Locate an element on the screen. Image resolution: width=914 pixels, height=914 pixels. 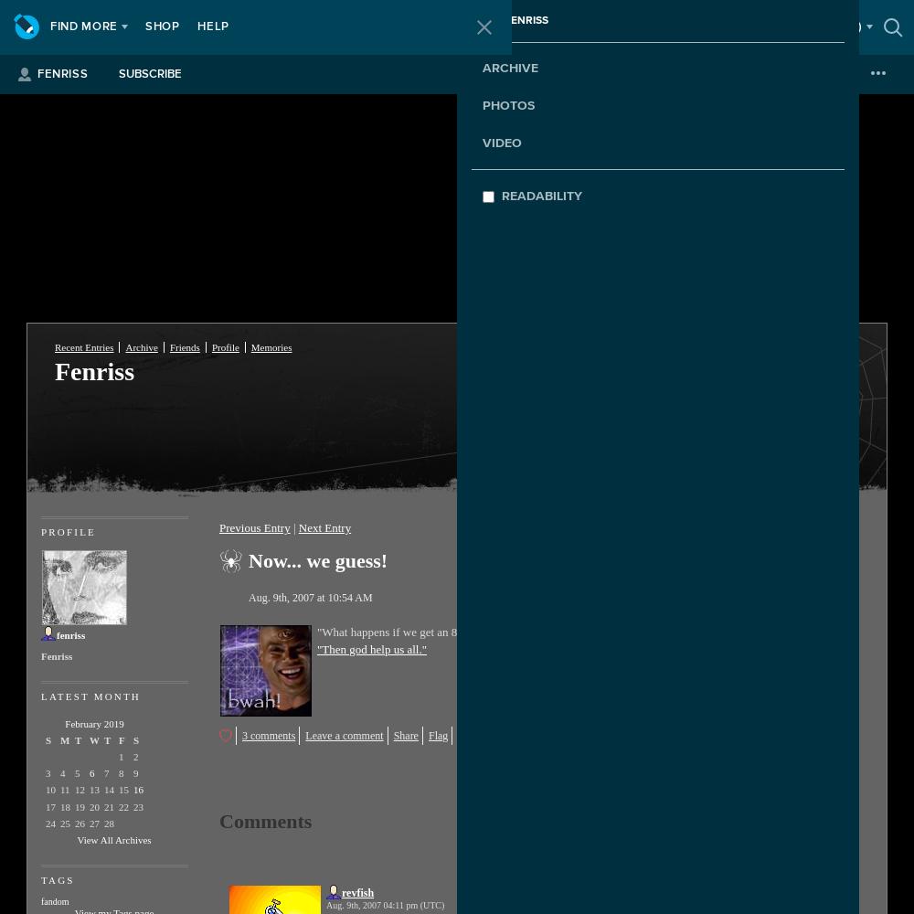
'6' is located at coordinates (90, 772).